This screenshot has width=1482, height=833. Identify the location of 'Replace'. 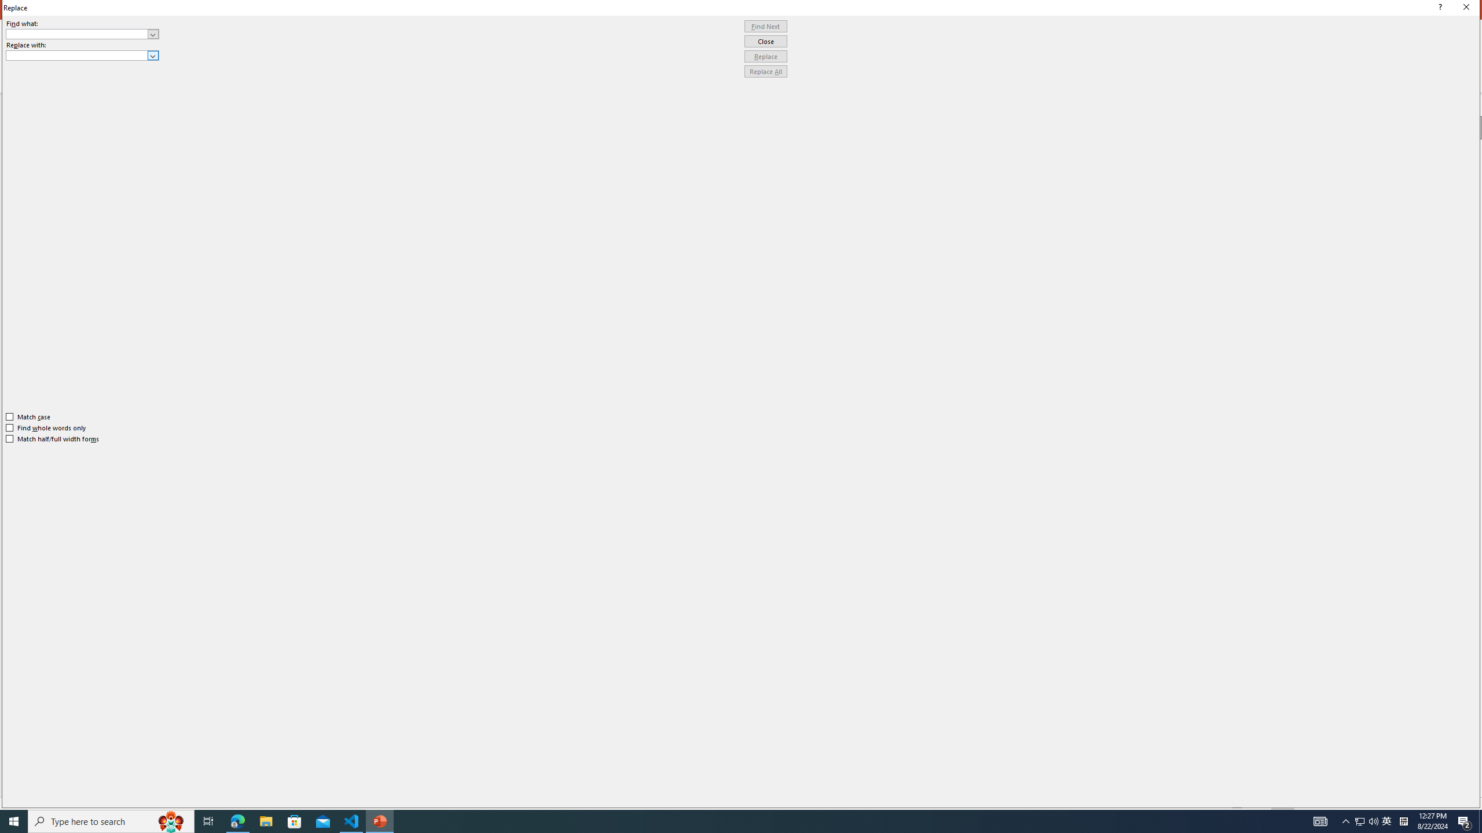
(765, 56).